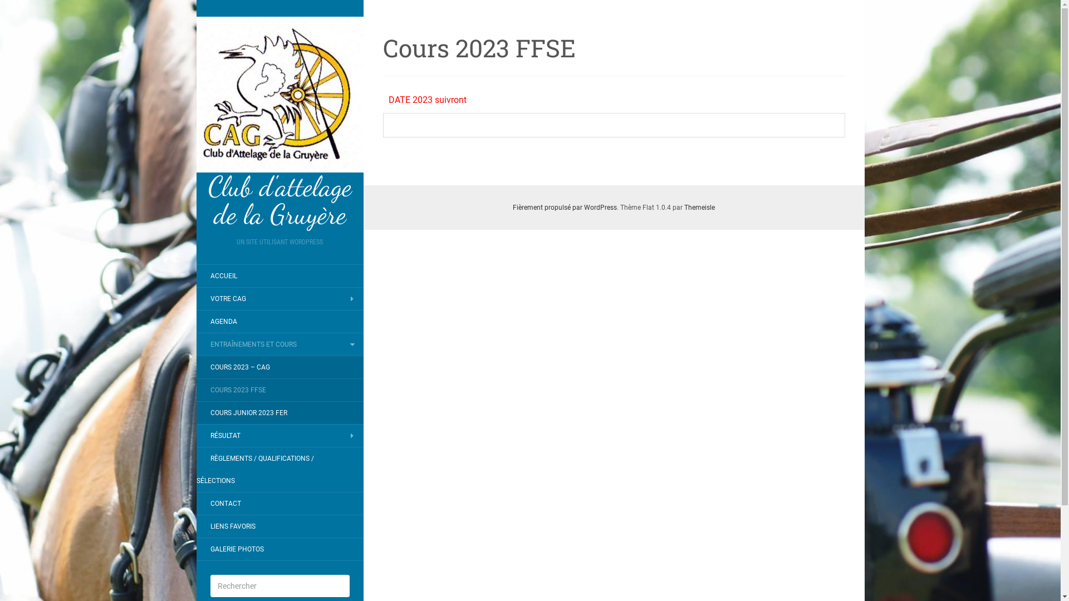 This screenshot has height=601, width=1069. Describe the element at coordinates (195, 322) in the screenshot. I see `'AGENDA'` at that location.